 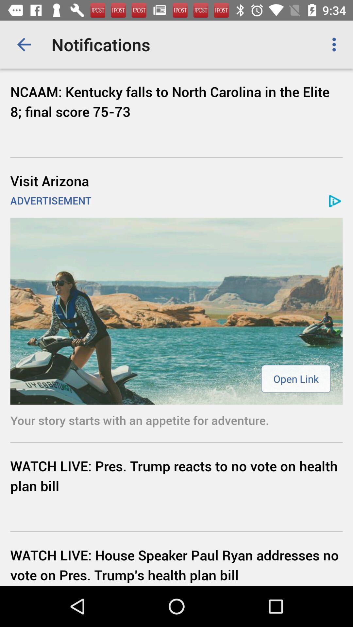 What do you see at coordinates (24, 44) in the screenshot?
I see `app to the left of the notifications app` at bounding box center [24, 44].